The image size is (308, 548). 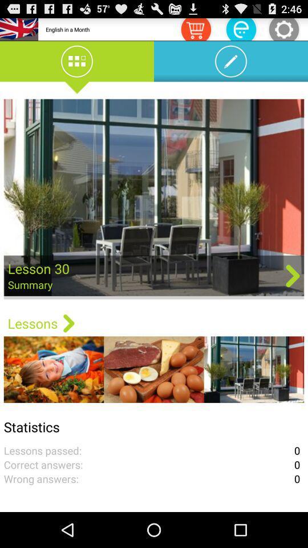 What do you see at coordinates (195, 29) in the screenshot?
I see `icon next to the english in a icon` at bounding box center [195, 29].